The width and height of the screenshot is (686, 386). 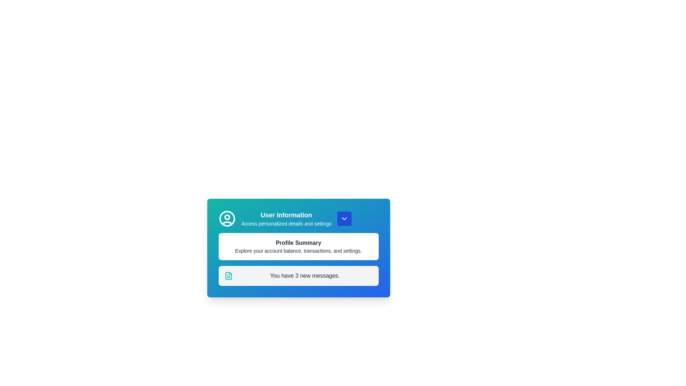 I want to click on the downward chevron icon in the top-right corner of the user information card, so click(x=344, y=218).